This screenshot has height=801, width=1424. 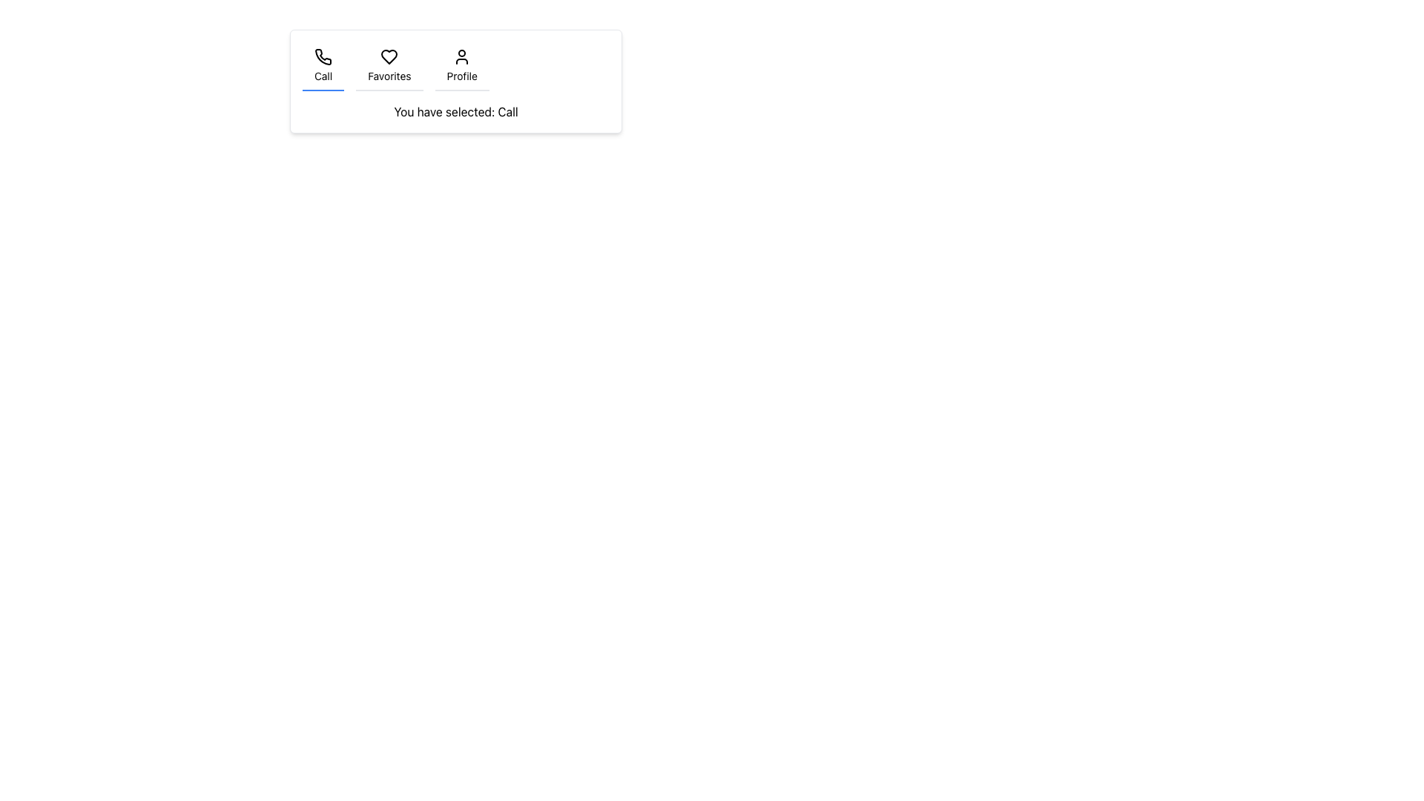 I want to click on the 'Profile' button, which features a user silhouette icon above the text 'Profile', so click(x=461, y=65).